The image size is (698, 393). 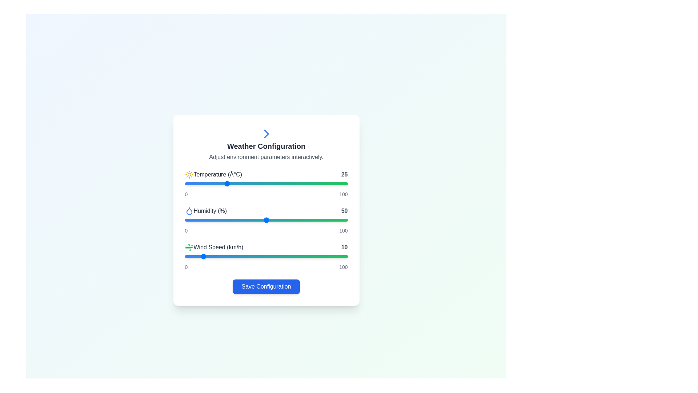 What do you see at coordinates (318, 220) in the screenshot?
I see `the humidity level` at bounding box center [318, 220].